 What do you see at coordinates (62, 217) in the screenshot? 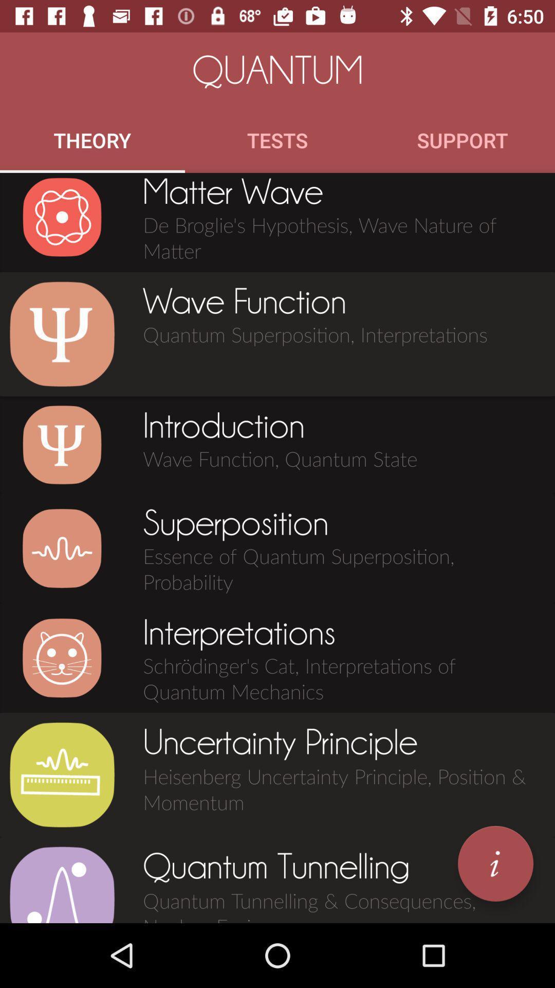
I see `matter wave option` at bounding box center [62, 217].